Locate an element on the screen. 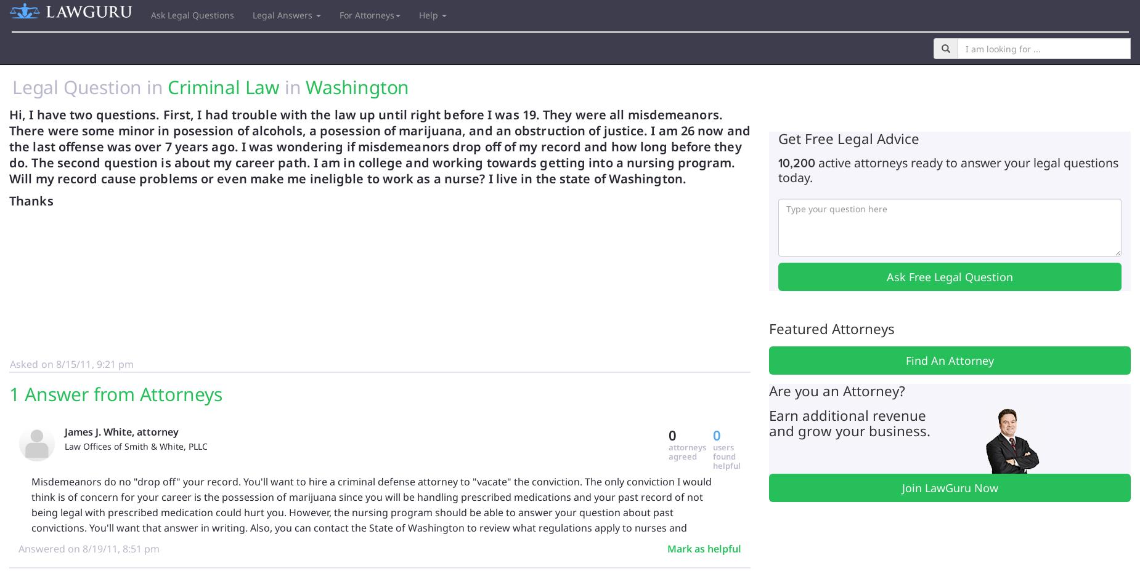  'Misdemeanors do no "drop off" your record. You'll want to hire a criminal defense attorney to "vacate" the conviction. The only conviction I would think is of concern for your career is the possession of marijuana since you will be handling prescribed medications and your past record of not being legal with prescribed medication could hurt you. However, the nursing program should be able to answer your question about past convictions. You'll want that answer in writing. Also, you can contact the State of Washington to review what regulations apply to nurses and criminal convictions. Again, get the answer in writing.' is located at coordinates (371, 511).